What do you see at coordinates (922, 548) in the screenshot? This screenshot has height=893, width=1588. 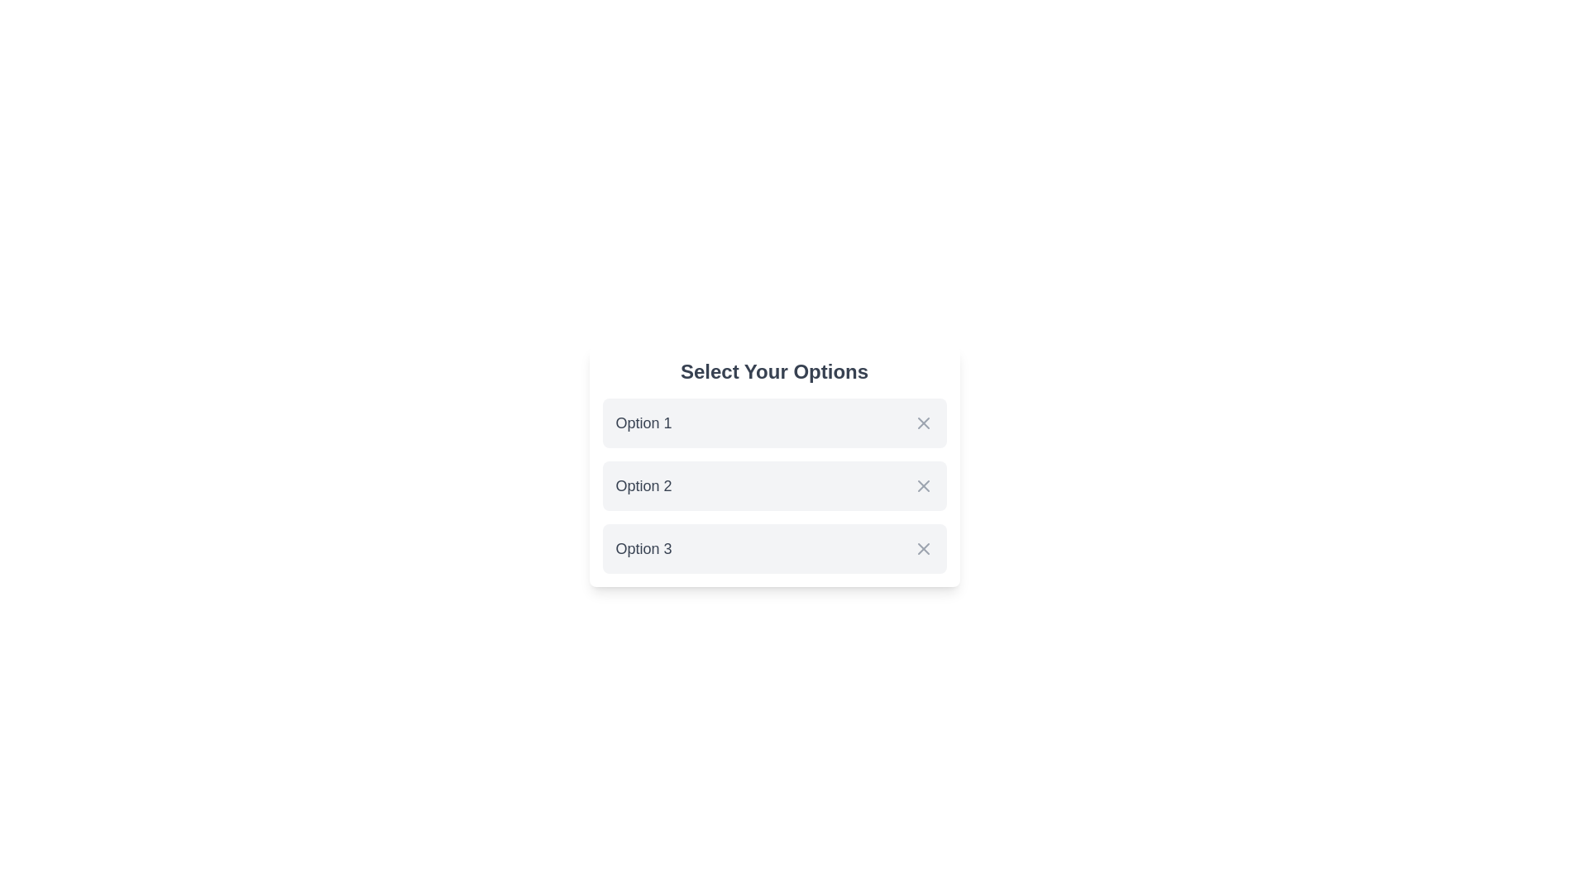 I see `the close icon of the third option in the 'Select Your Options' list` at bounding box center [922, 548].